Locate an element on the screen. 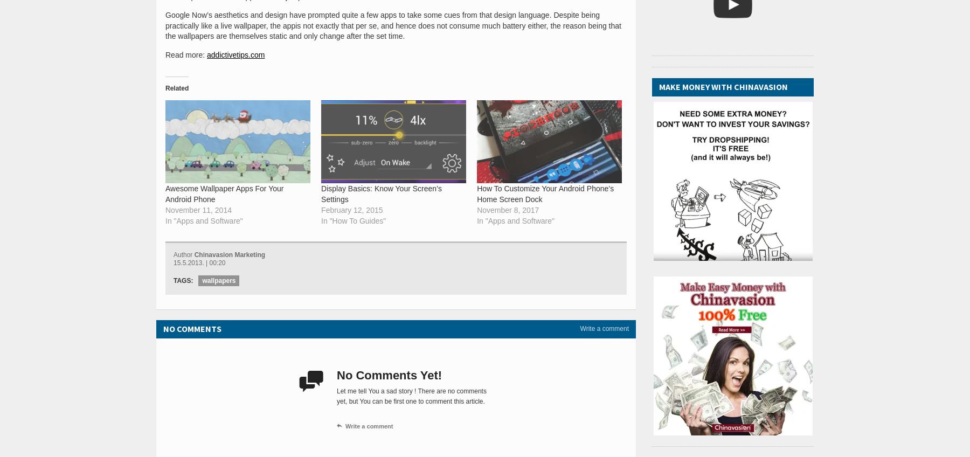  'TAGS:' is located at coordinates (183, 280).